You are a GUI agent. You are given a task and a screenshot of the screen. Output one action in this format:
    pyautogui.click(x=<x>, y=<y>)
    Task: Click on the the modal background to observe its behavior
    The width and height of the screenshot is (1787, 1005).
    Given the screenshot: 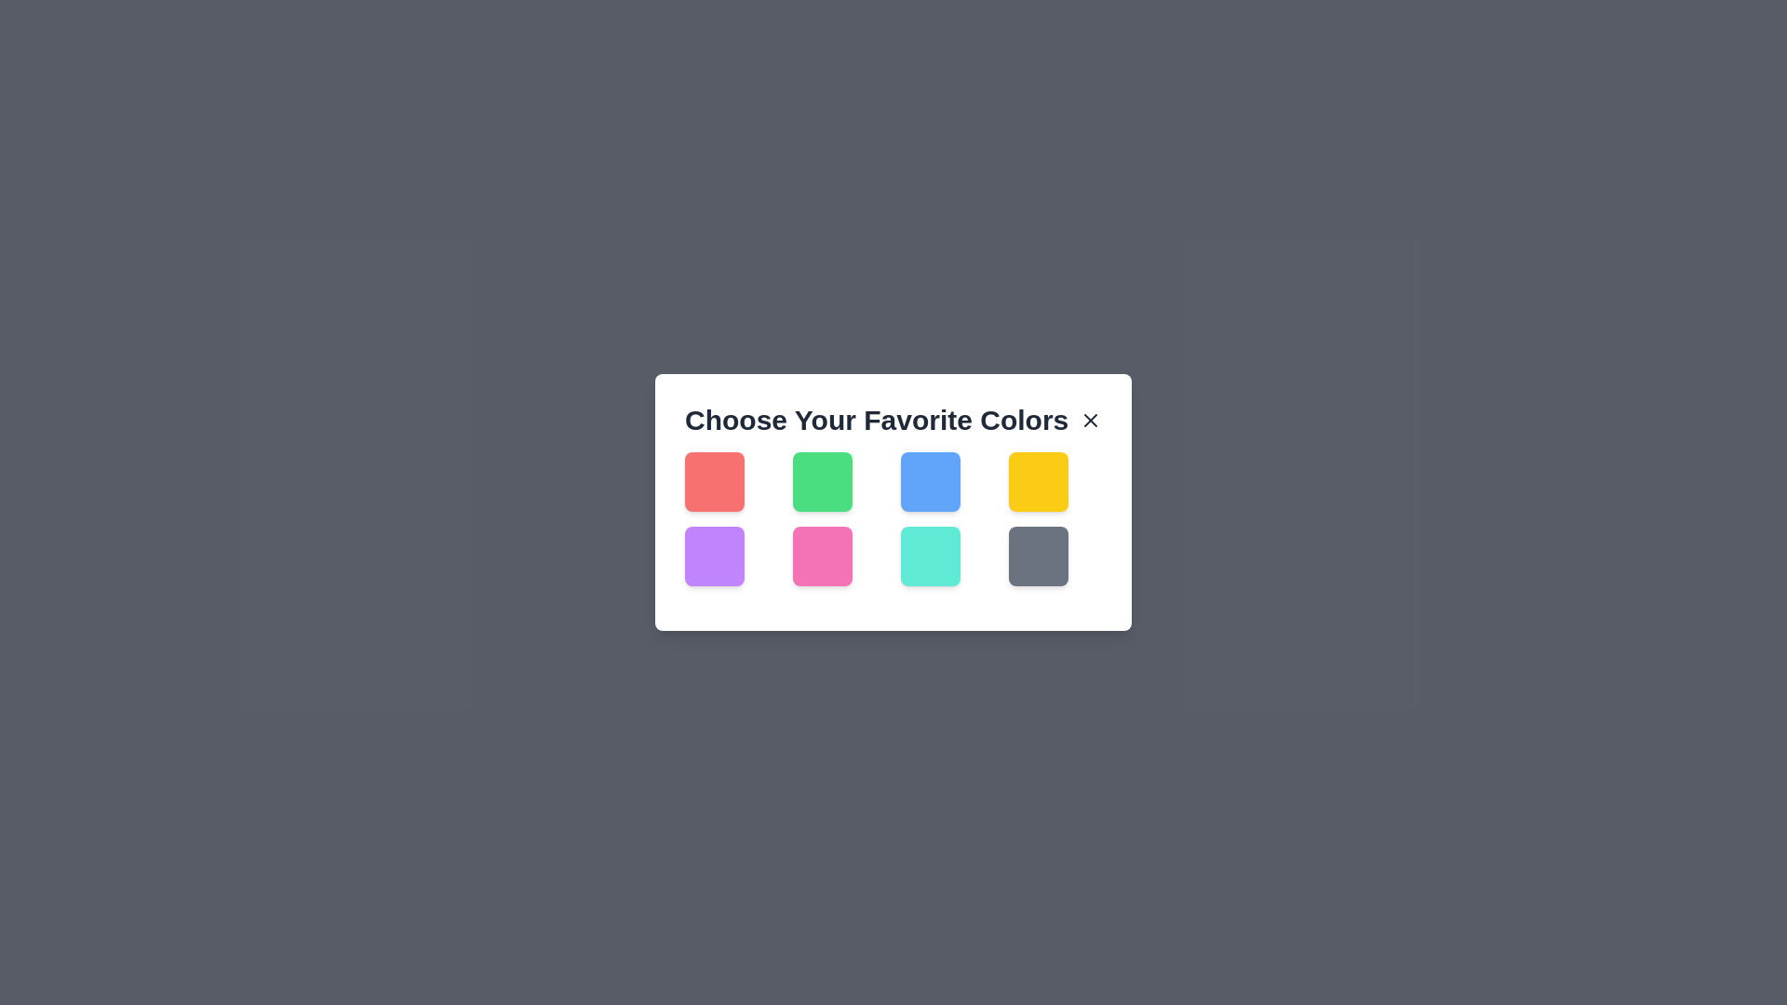 What is the action you would take?
    pyautogui.click(x=893, y=502)
    